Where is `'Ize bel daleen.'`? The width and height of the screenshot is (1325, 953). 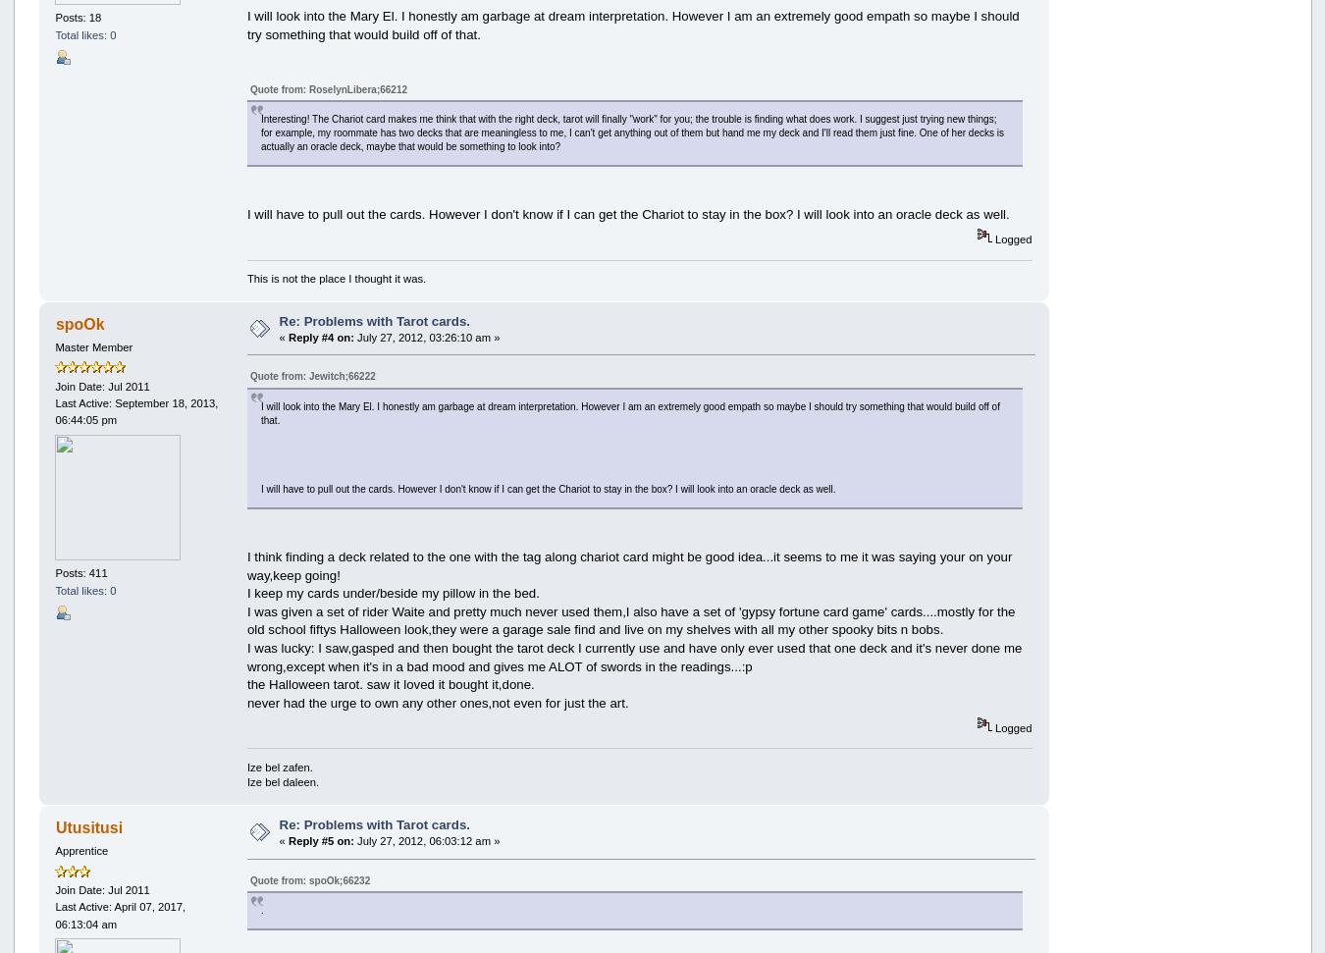 'Ize bel daleen.' is located at coordinates (281, 781).